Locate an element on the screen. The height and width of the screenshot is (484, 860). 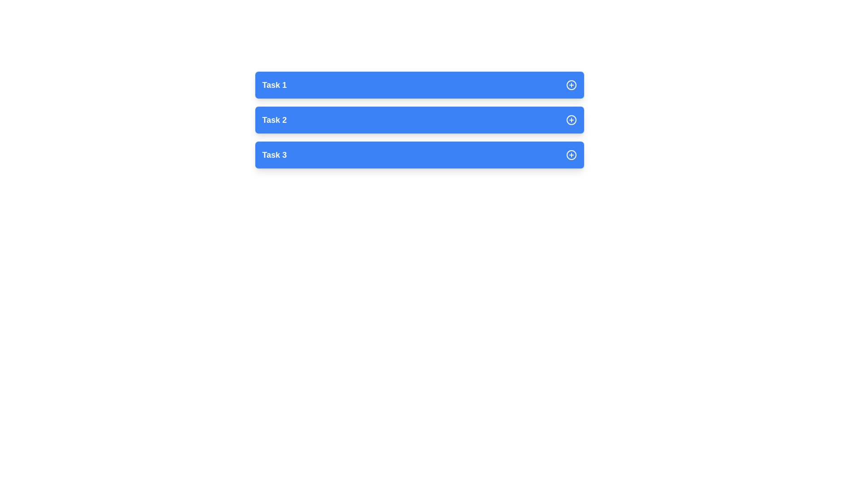
the 'Task 3' text label that identifies the associated task in the third position of a vertically stacked list of task containers is located at coordinates (274, 155).